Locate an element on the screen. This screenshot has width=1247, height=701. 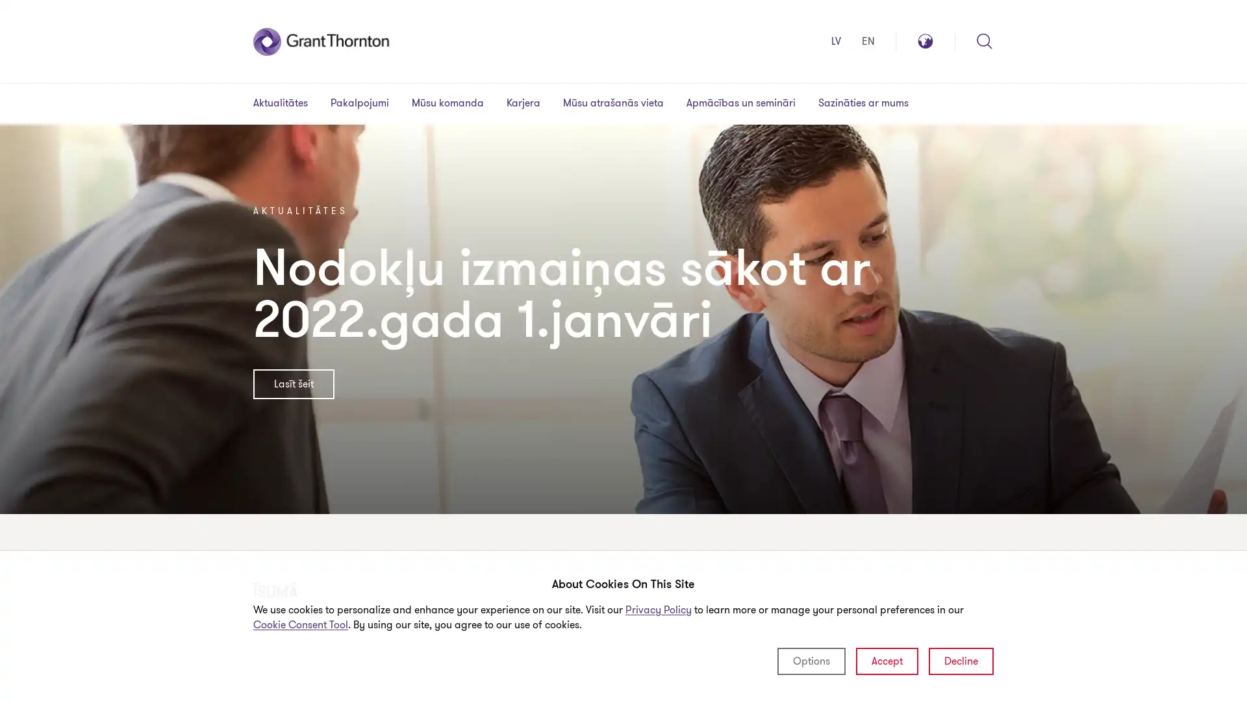
Meklet is located at coordinates (985, 41).